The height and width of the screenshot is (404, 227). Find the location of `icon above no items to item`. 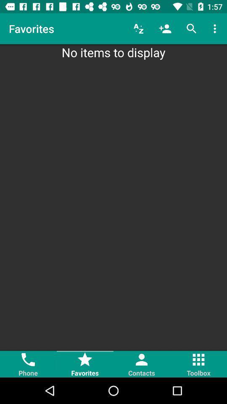

icon above no items to item is located at coordinates (191, 29).